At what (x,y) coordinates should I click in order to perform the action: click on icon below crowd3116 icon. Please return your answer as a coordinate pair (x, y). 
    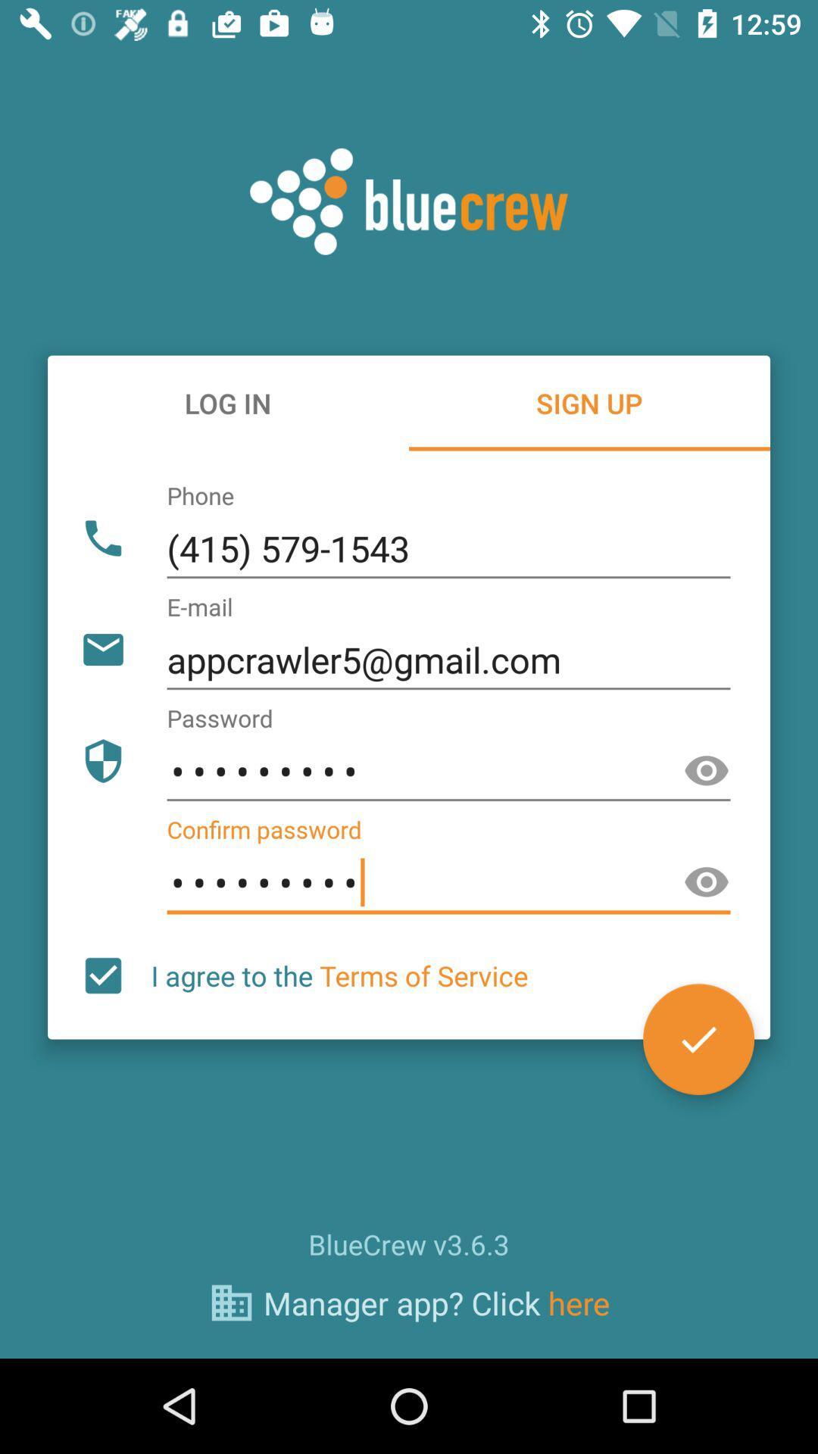
    Looking at the image, I should click on (698, 1038).